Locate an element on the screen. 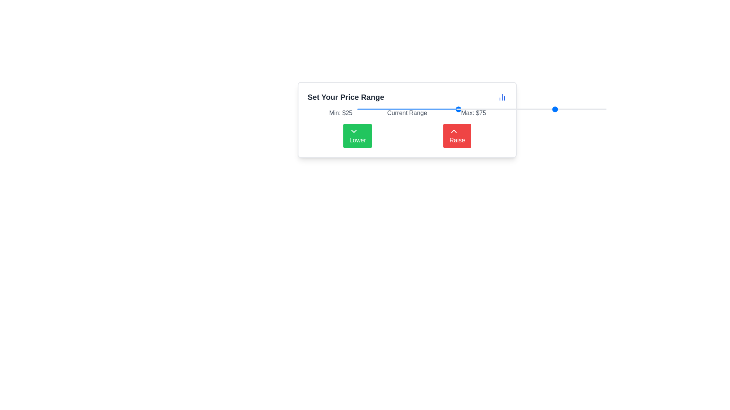 This screenshot has width=730, height=410. the downward-facing chevron icon in the center of the green 'Lower' button, which is part of the panel titled 'Set Your Price Range' is located at coordinates (353, 131).